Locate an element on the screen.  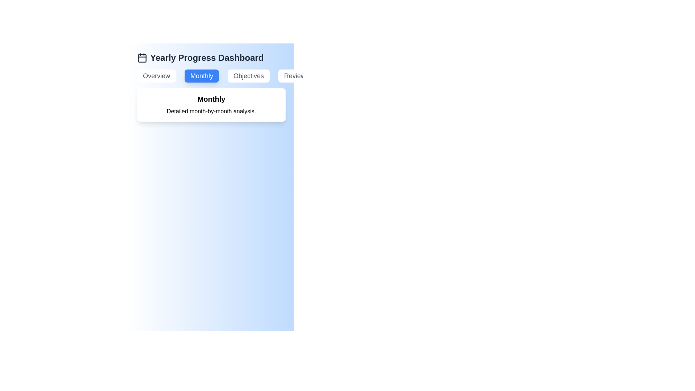
the tab labeled 'Objectives' to activate it is located at coordinates (249, 76).